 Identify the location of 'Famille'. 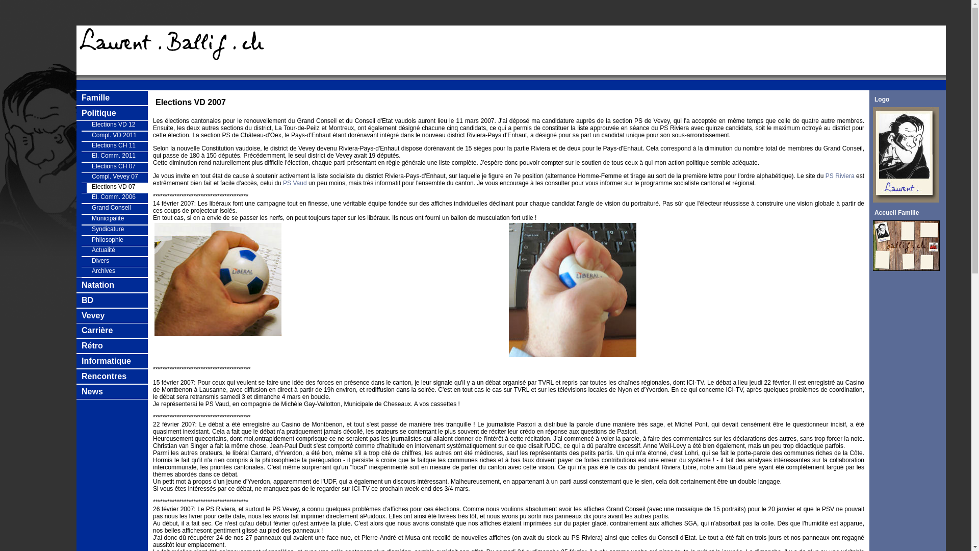
(95, 97).